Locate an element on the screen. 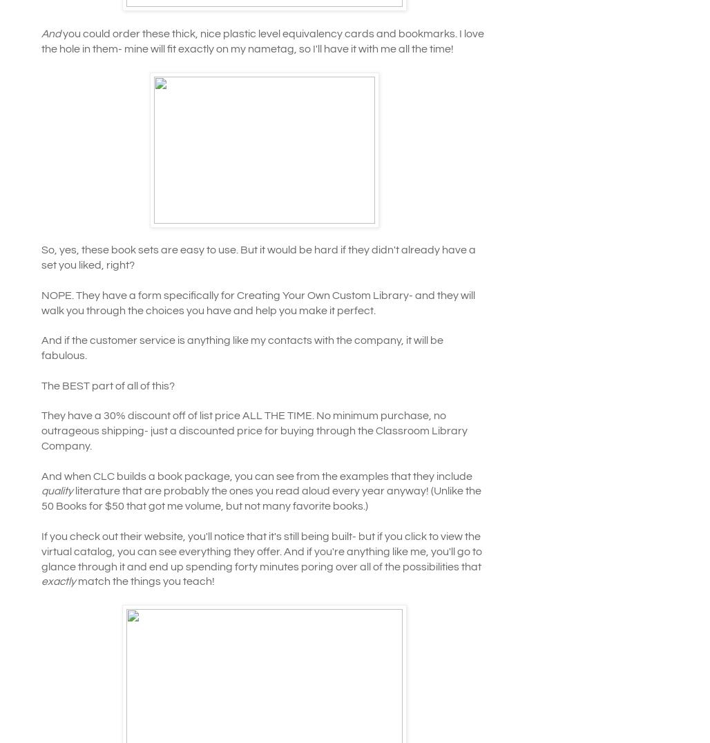 This screenshot has width=710, height=743. 'So, yes, these book sets are easy to use. But it would be hard if they didn't already have a set you liked, right?' is located at coordinates (258, 257).